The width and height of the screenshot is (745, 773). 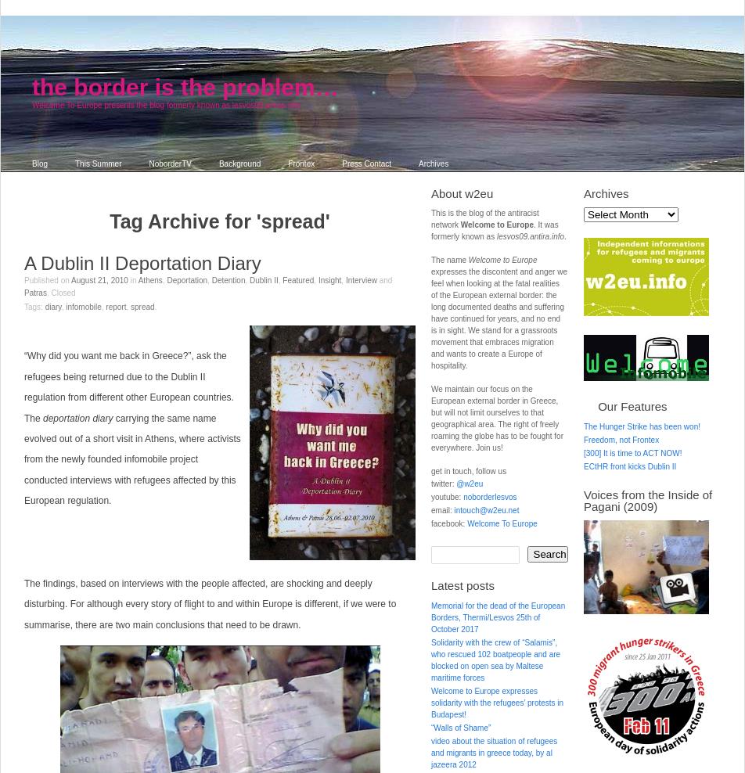 I want to click on 'the border is the problem…', so click(x=185, y=87).